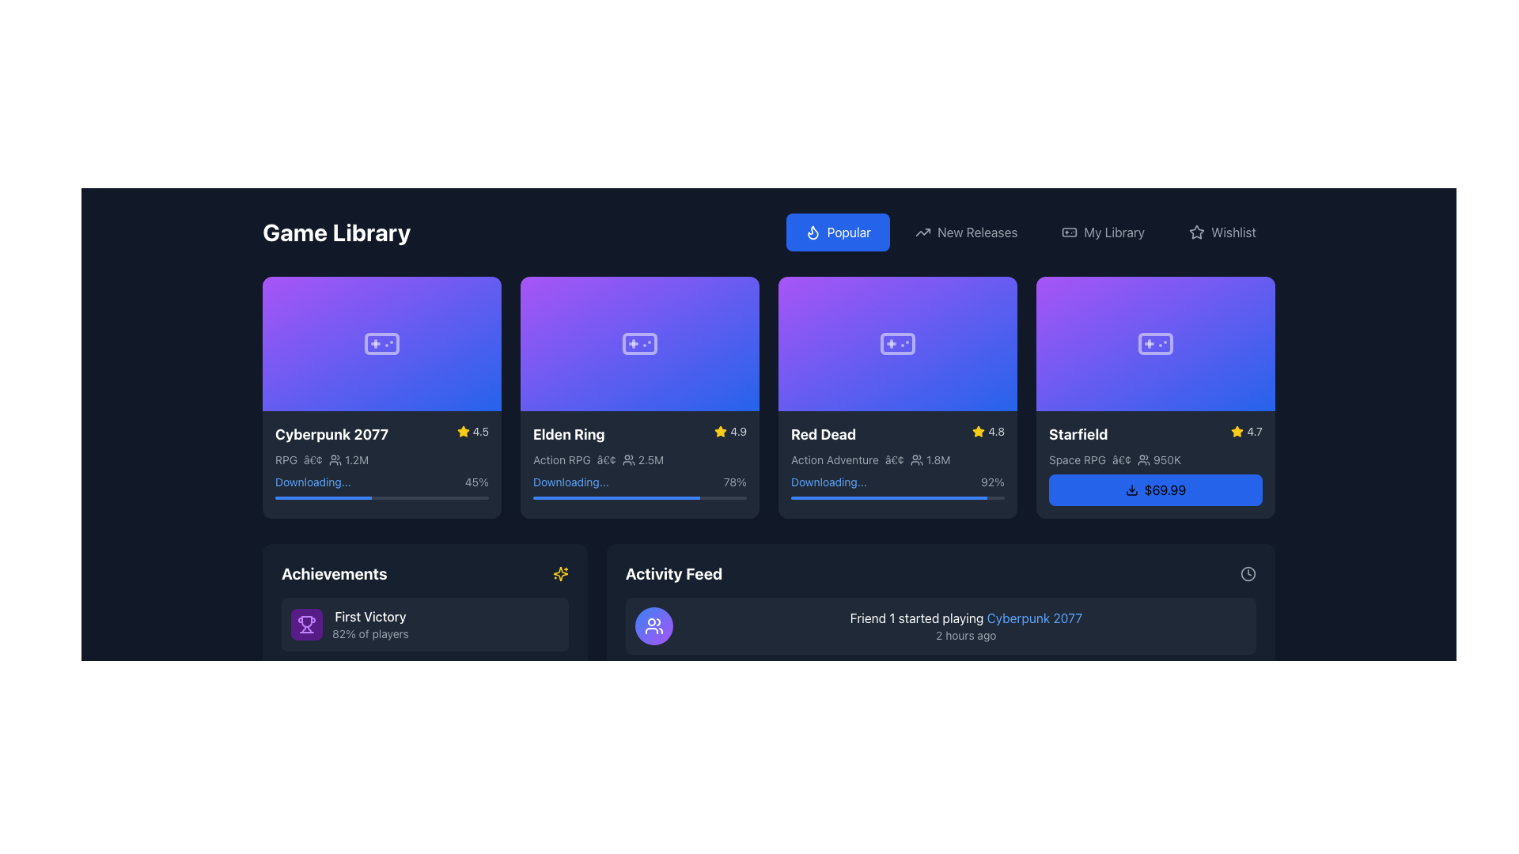  What do you see at coordinates (1253, 297) in the screenshot?
I see `the circular play button with a black background and transparency effects located at the top-right corner of the 'Starfield' product card` at bounding box center [1253, 297].